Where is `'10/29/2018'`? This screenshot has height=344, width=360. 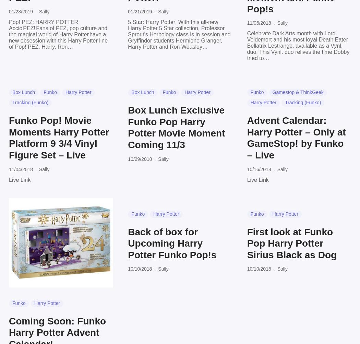 '10/29/2018' is located at coordinates (140, 158).